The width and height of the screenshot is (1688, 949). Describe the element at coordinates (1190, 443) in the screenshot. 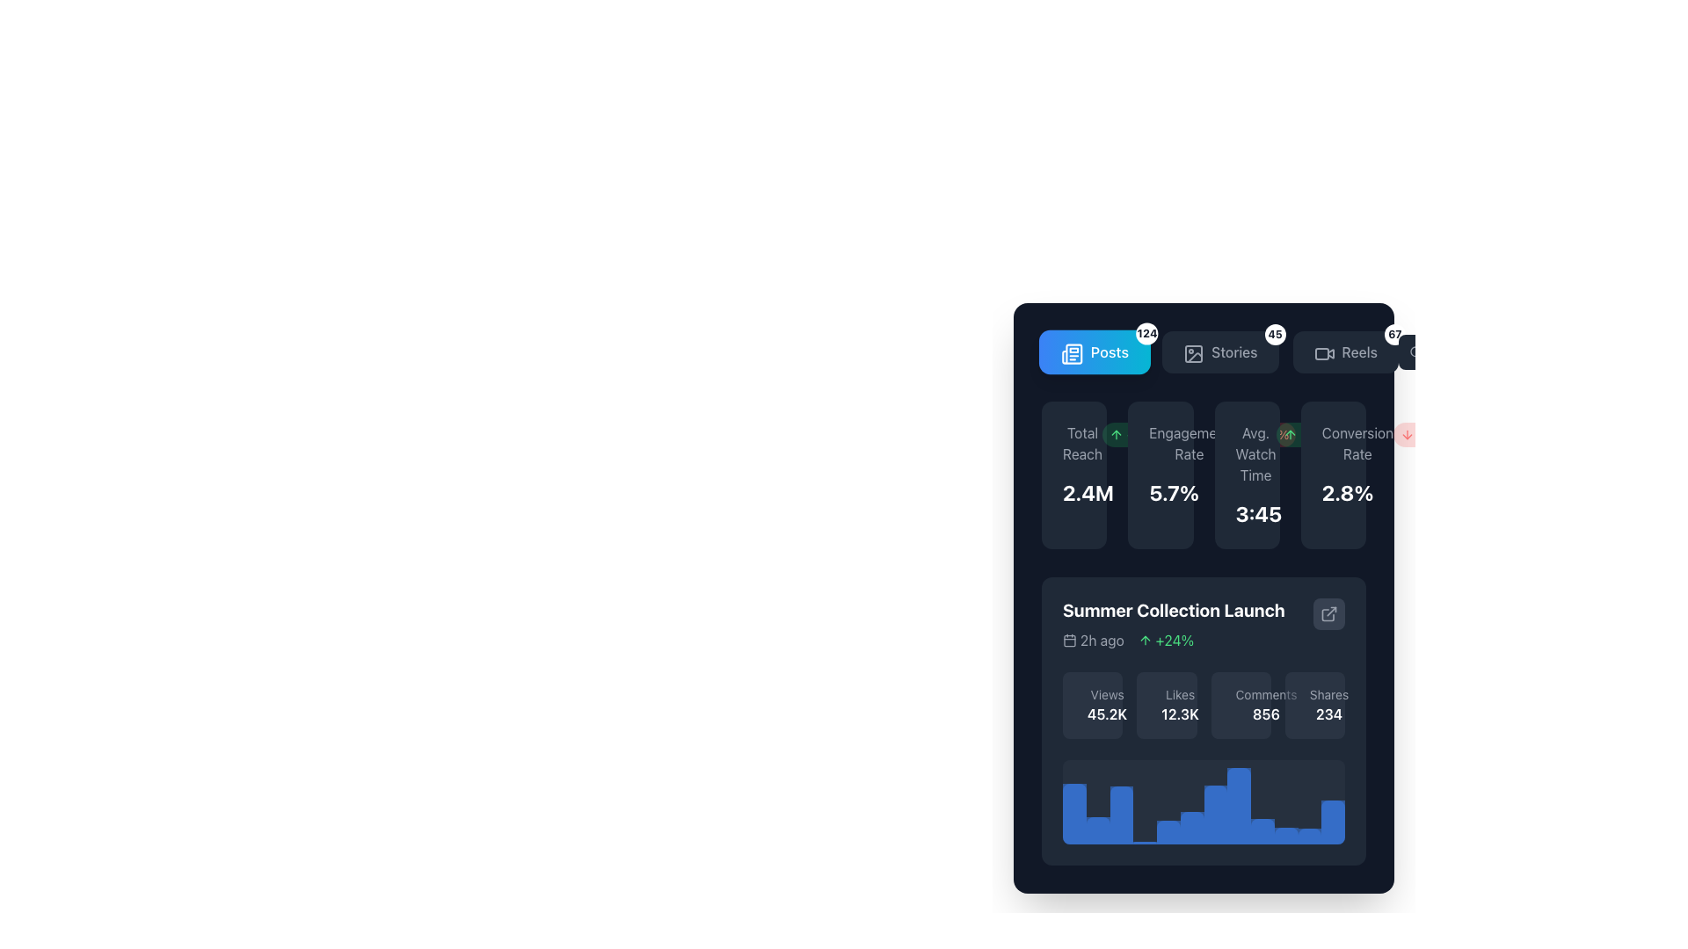

I see `the label text that describes the engagement rate, which is positioned in the second column of the grid layout above the numeric metric of '5.7%'` at that location.